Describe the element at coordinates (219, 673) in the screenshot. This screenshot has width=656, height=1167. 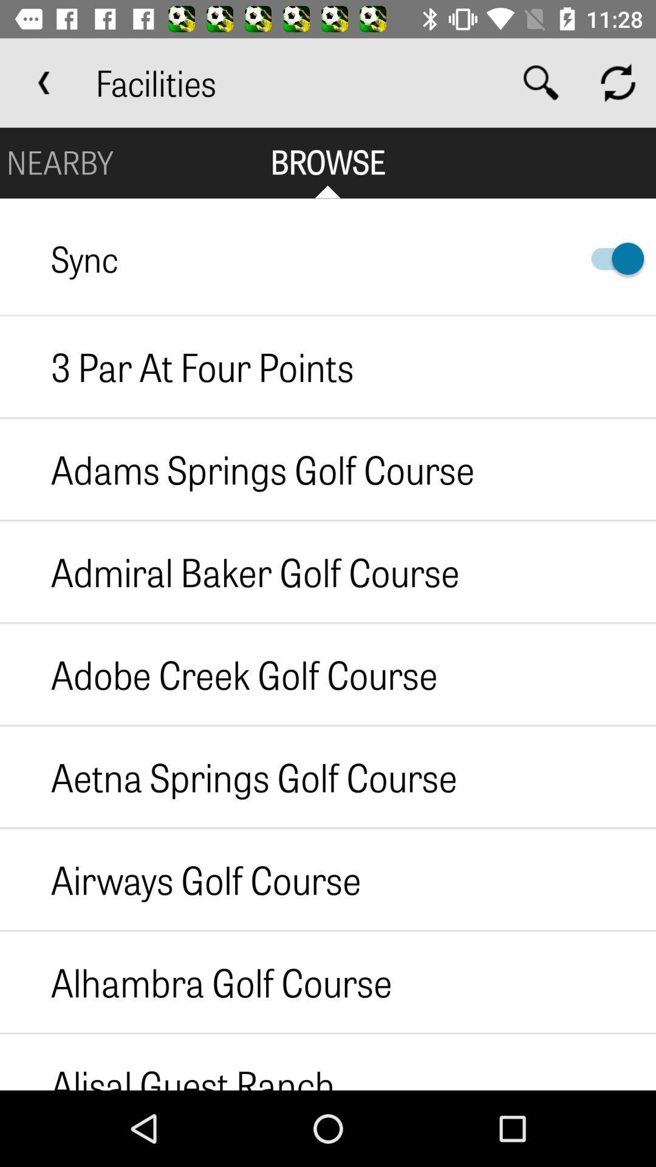
I see `the icon below admiral baker golf` at that location.